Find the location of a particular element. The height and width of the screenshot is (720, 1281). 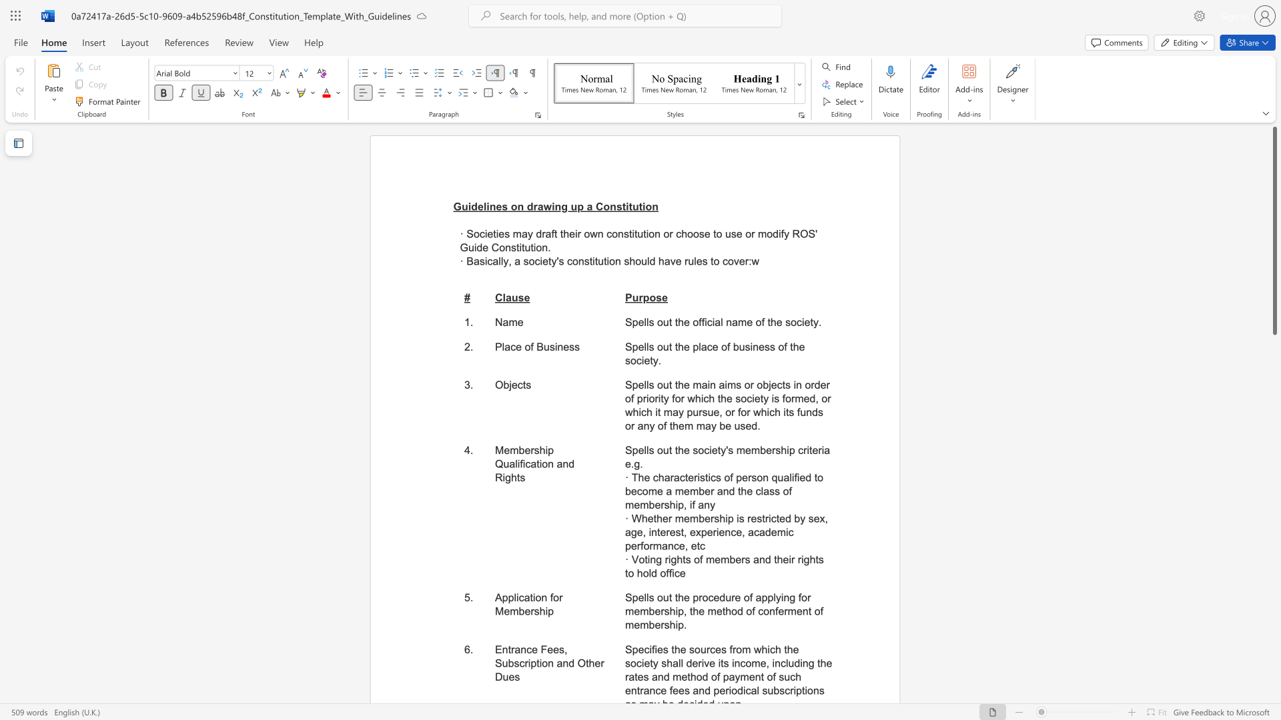

the subset text "eti" within the text "· Societies may draft their own constitution or choose to use or" is located at coordinates (486, 233).